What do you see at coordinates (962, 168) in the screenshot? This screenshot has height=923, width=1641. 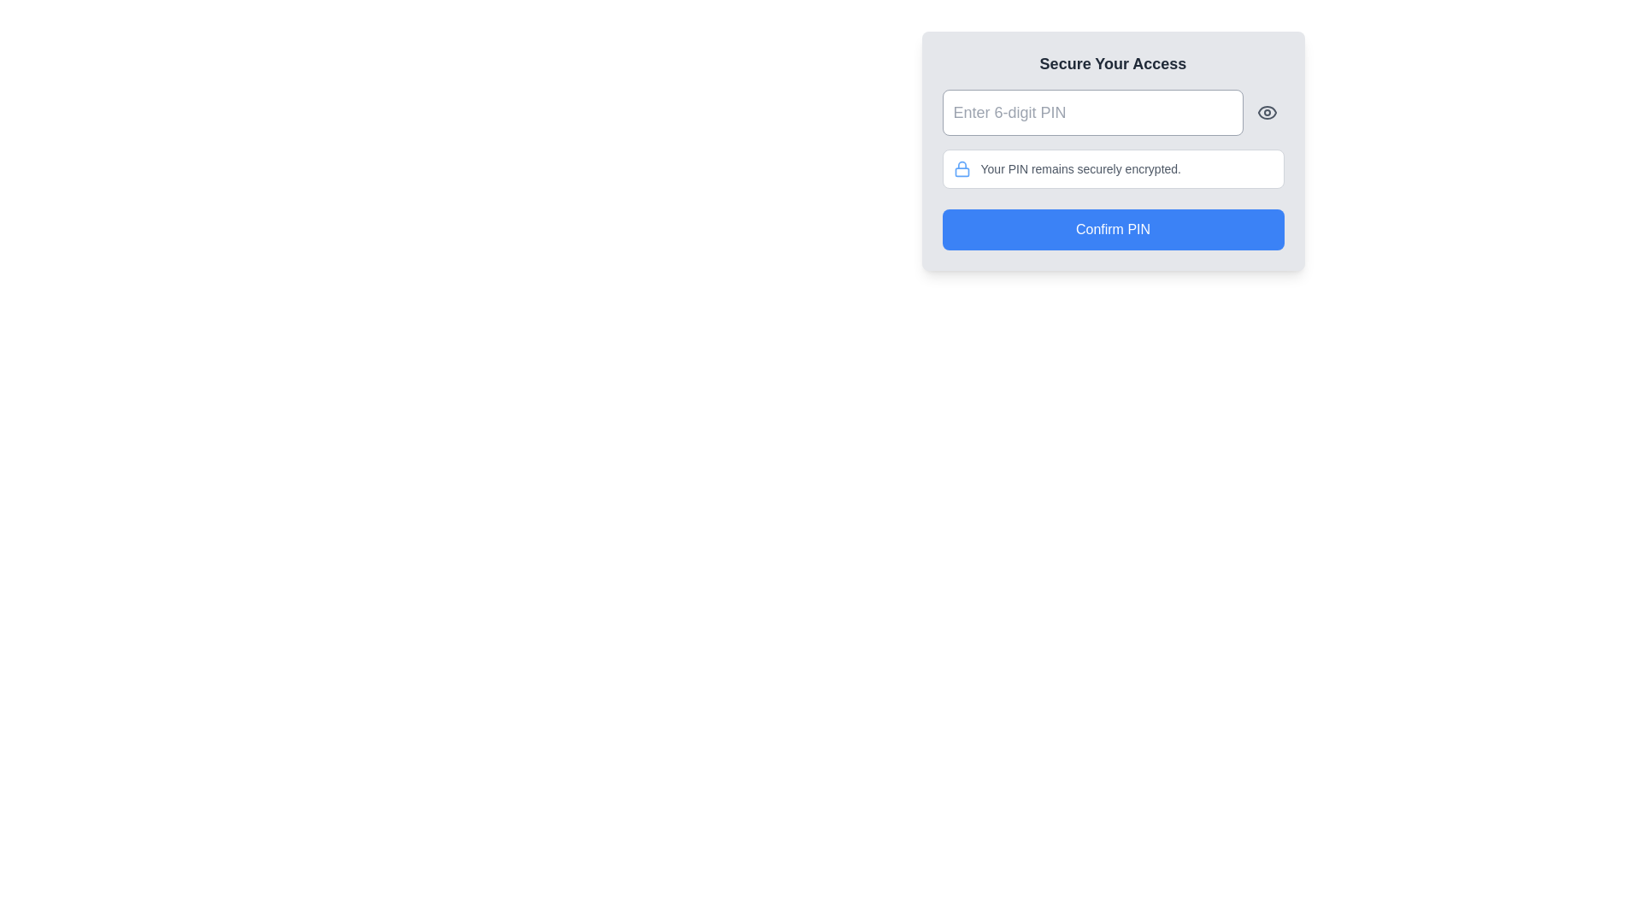 I see `the security icon that indicates the secure encryption of the user's PIN, located to the left of the text 'Your PIN remains securely encrypted.'` at bounding box center [962, 168].